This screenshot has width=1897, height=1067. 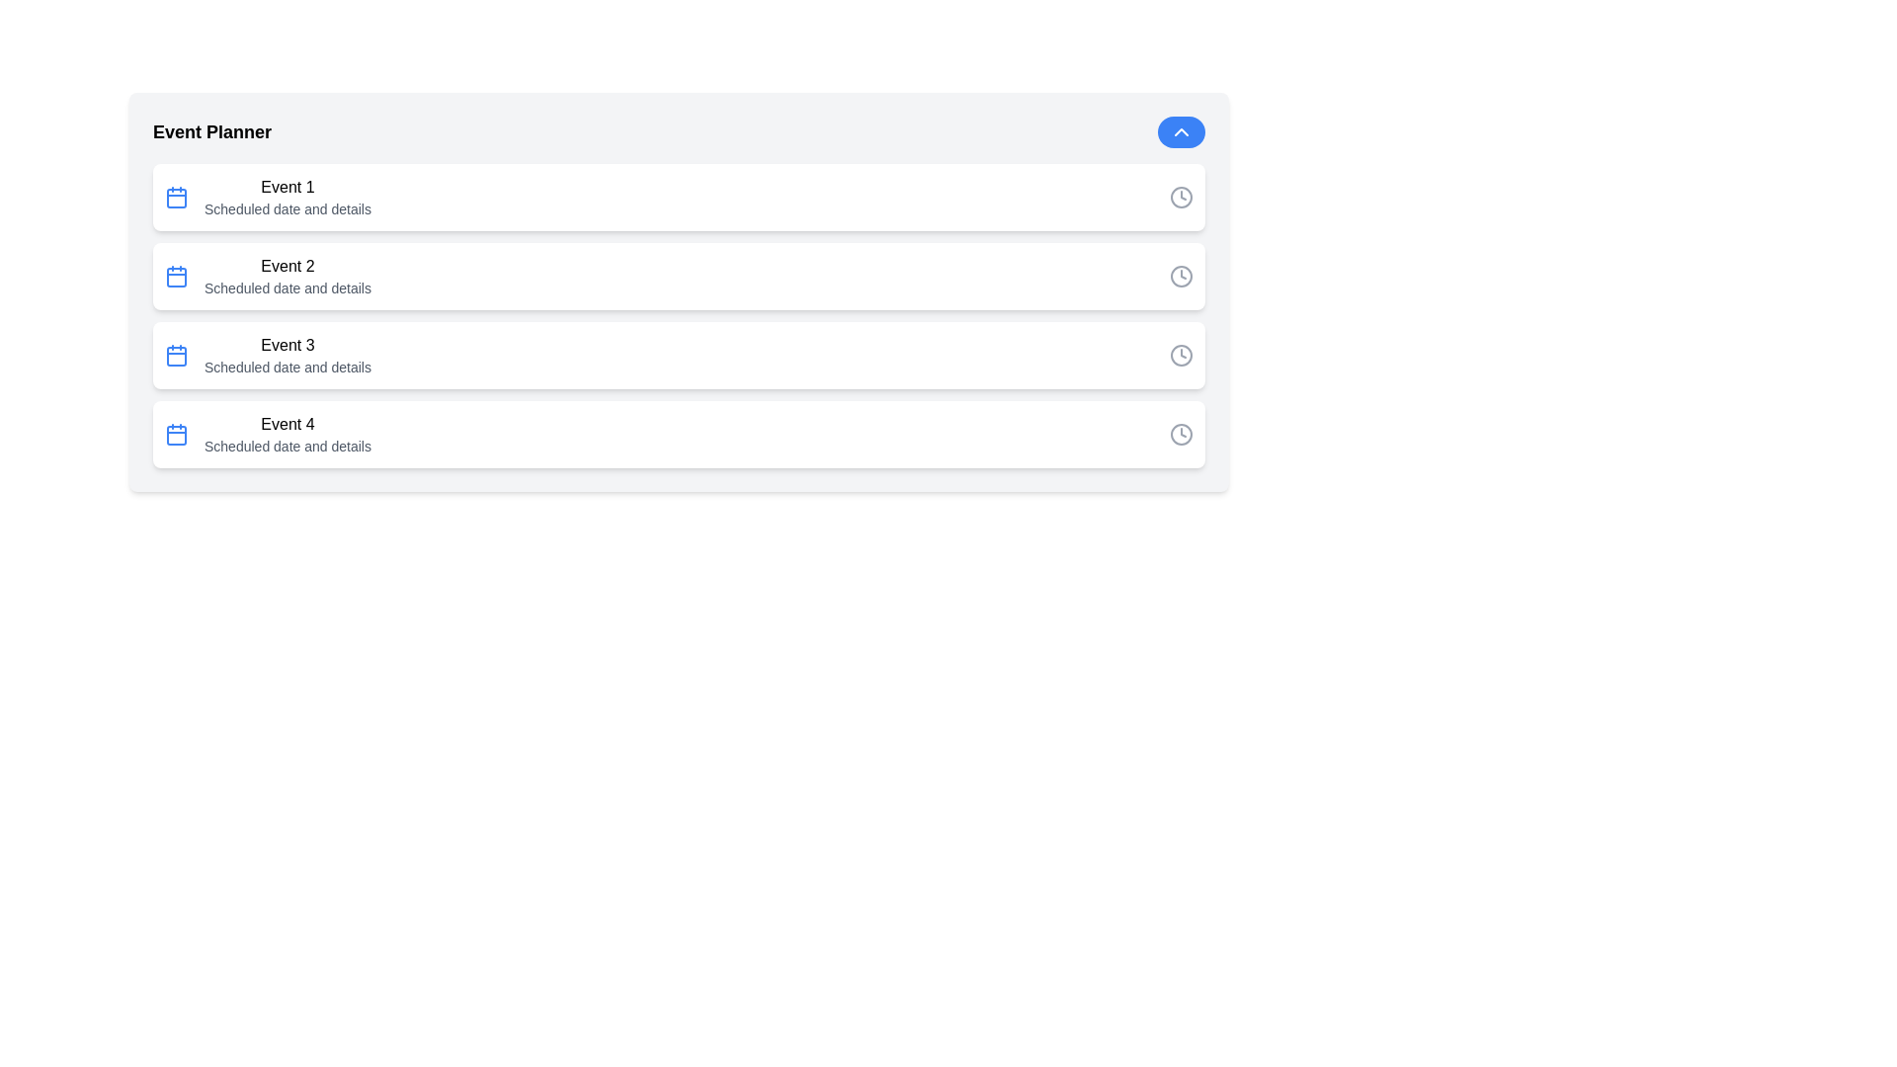 I want to click on the SVG rectangle with rounded corners representing a day or date within the calendar icon, located to the left of 'Event 1' in the event list, so click(x=176, y=198).